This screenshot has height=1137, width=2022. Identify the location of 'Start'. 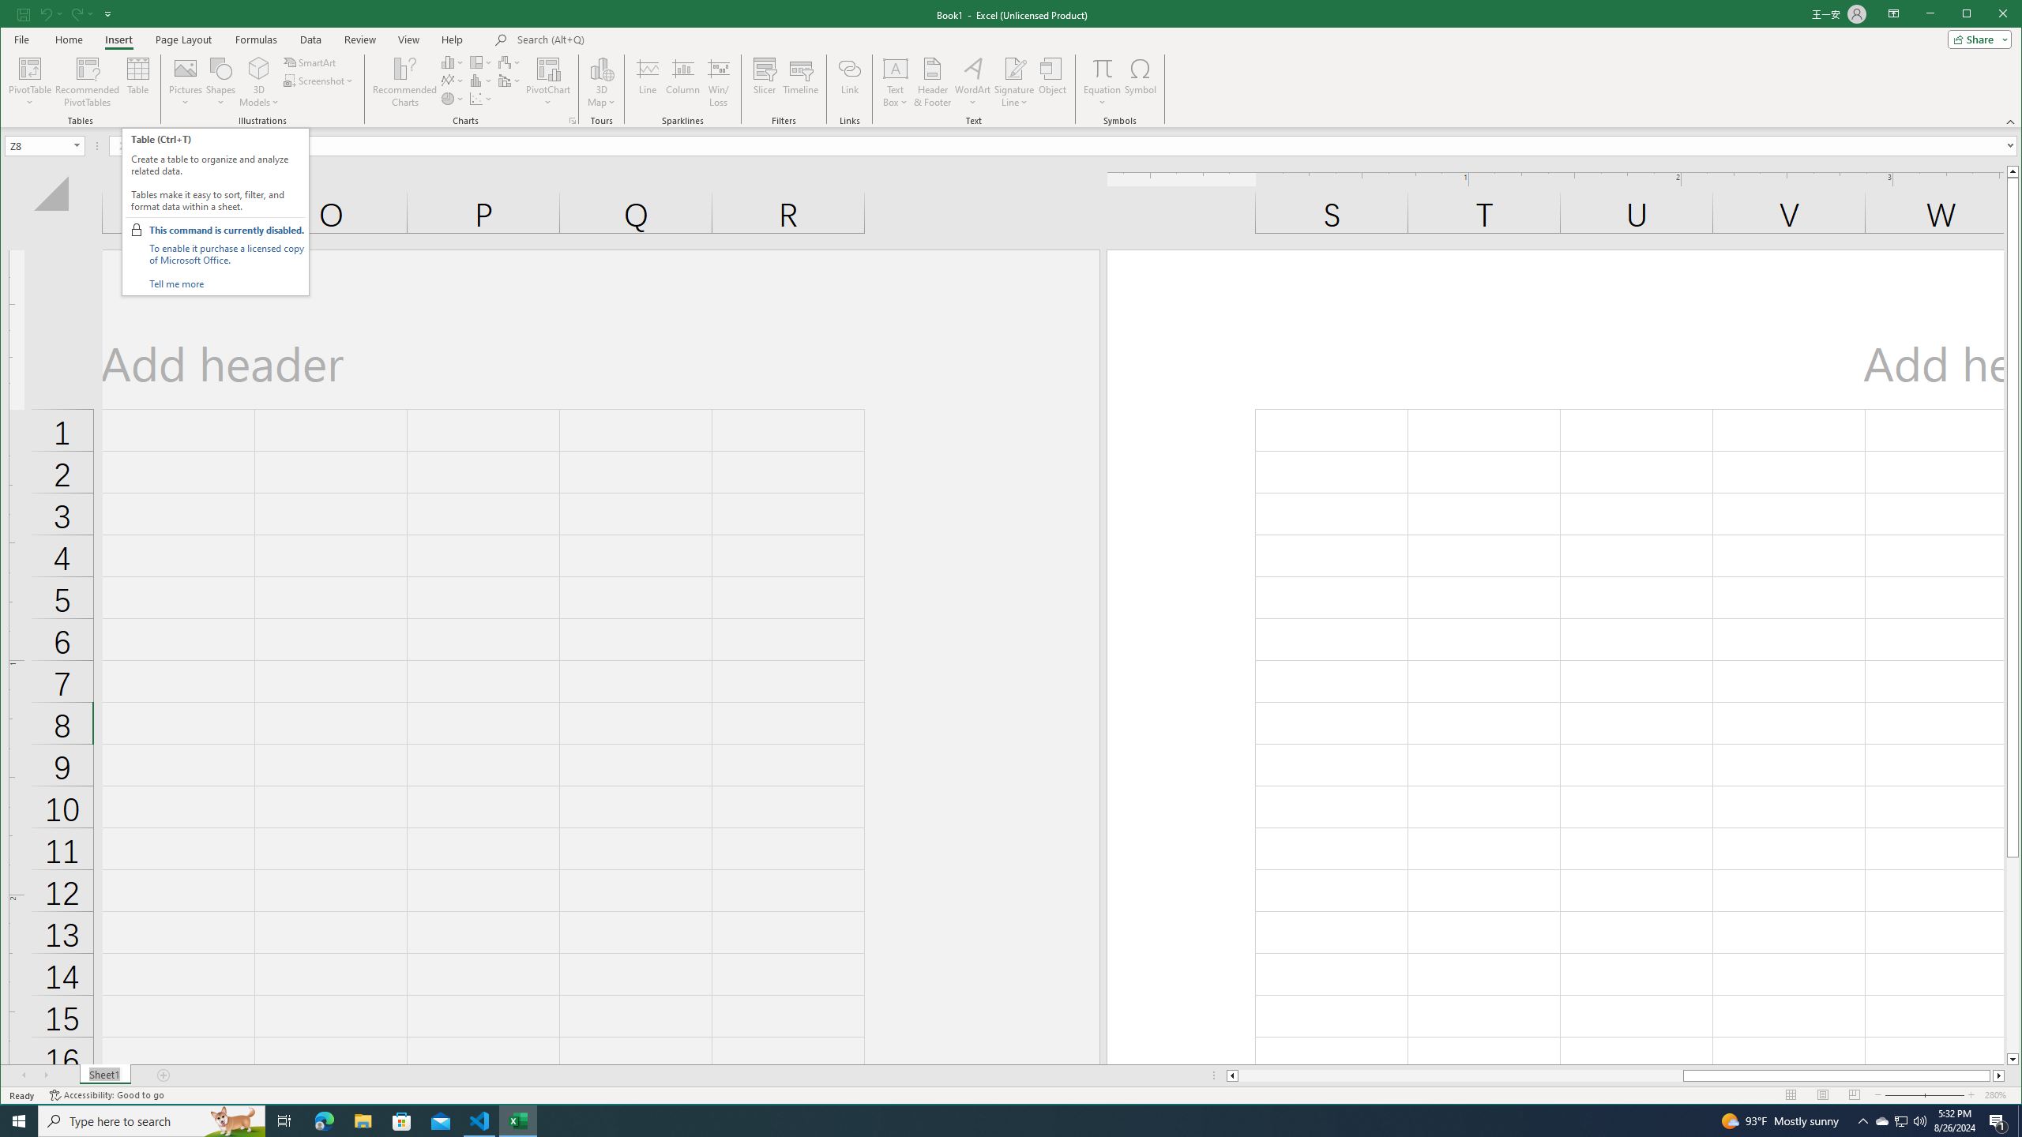
(19, 1120).